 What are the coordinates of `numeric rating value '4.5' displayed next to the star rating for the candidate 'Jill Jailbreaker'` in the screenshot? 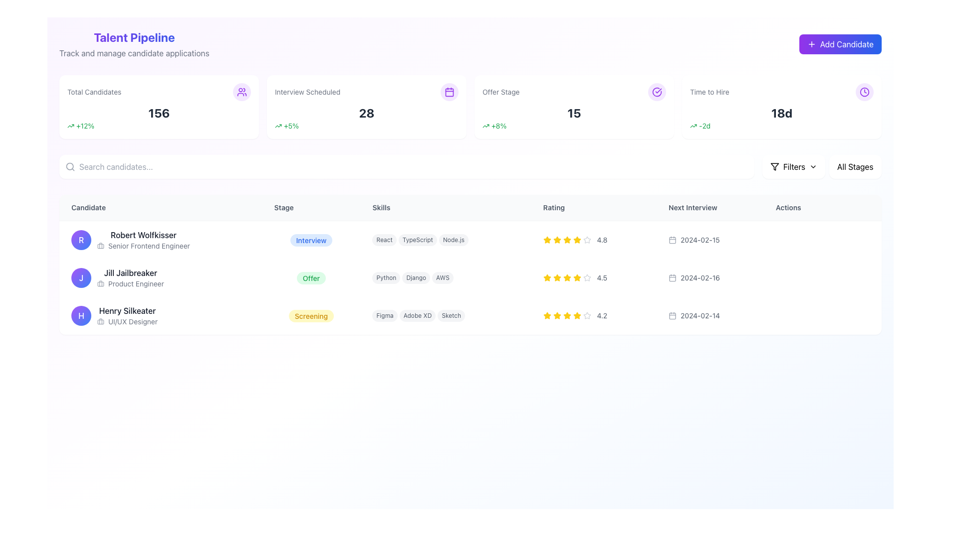 It's located at (594, 278).